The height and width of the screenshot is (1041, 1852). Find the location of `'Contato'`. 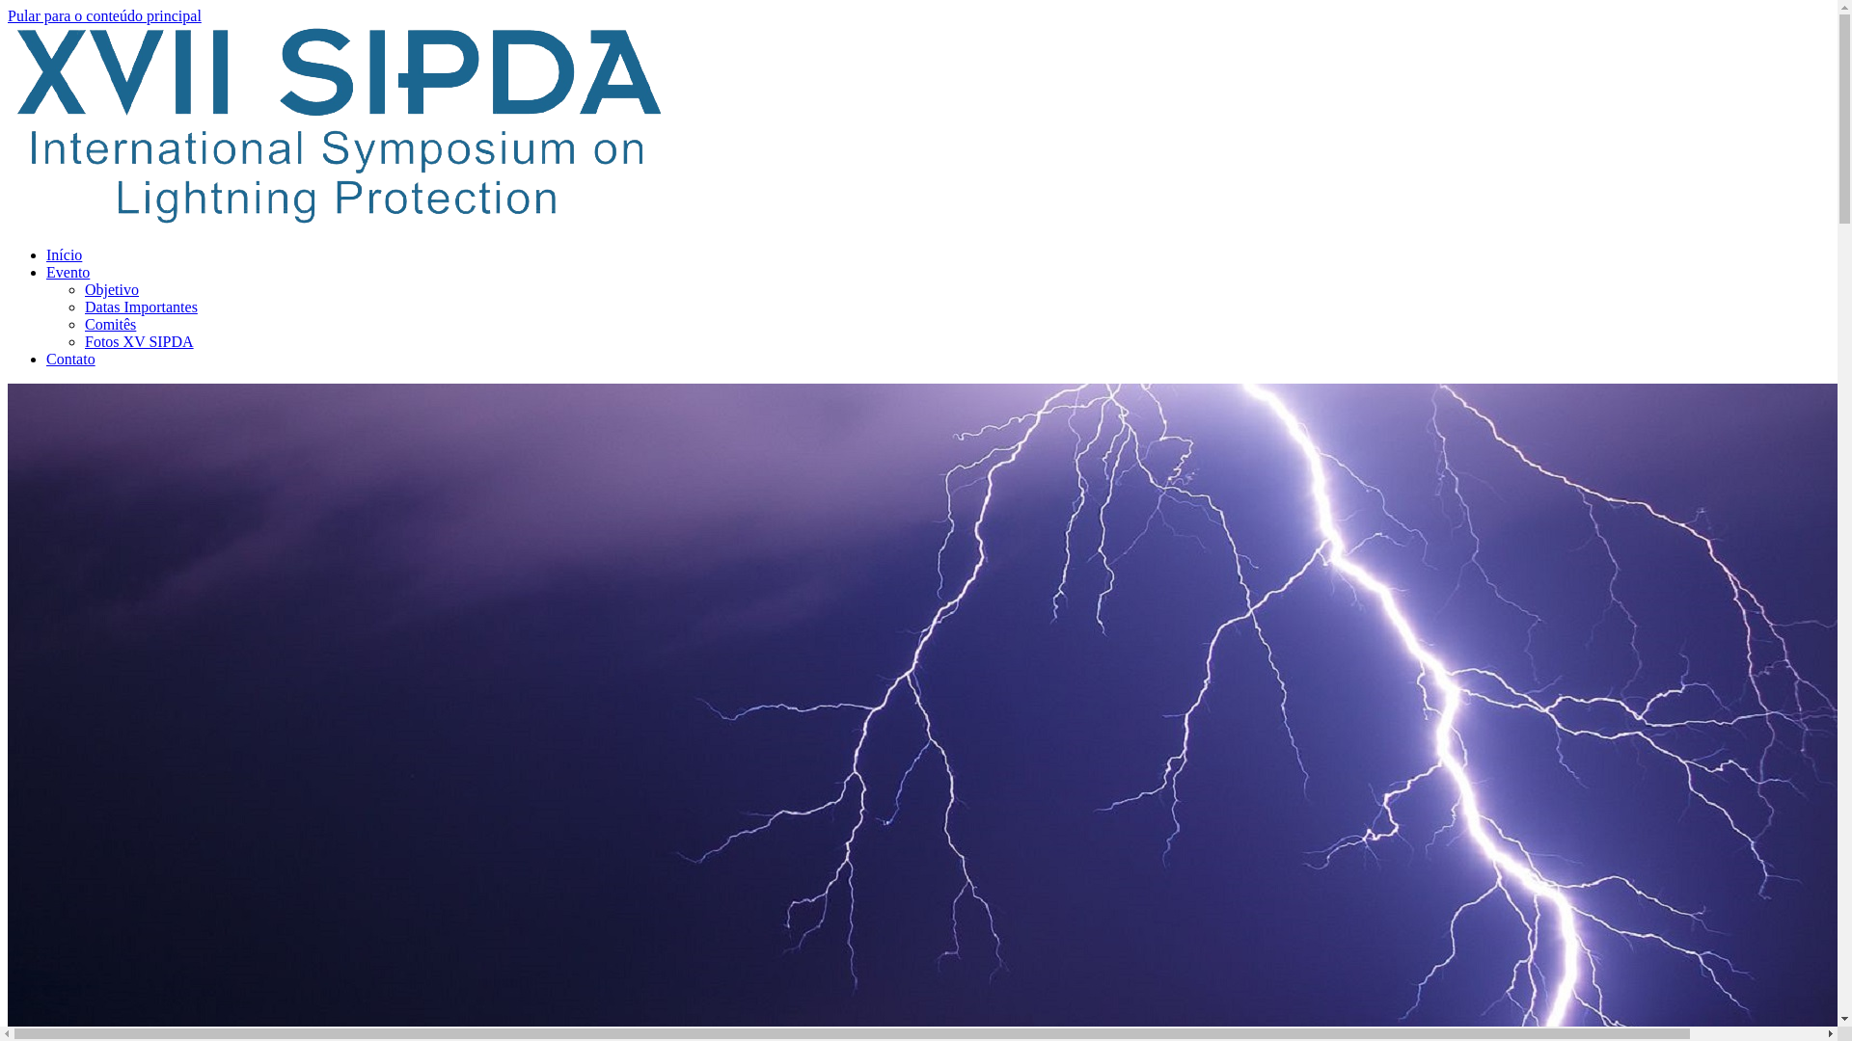

'Contato' is located at coordinates (70, 359).